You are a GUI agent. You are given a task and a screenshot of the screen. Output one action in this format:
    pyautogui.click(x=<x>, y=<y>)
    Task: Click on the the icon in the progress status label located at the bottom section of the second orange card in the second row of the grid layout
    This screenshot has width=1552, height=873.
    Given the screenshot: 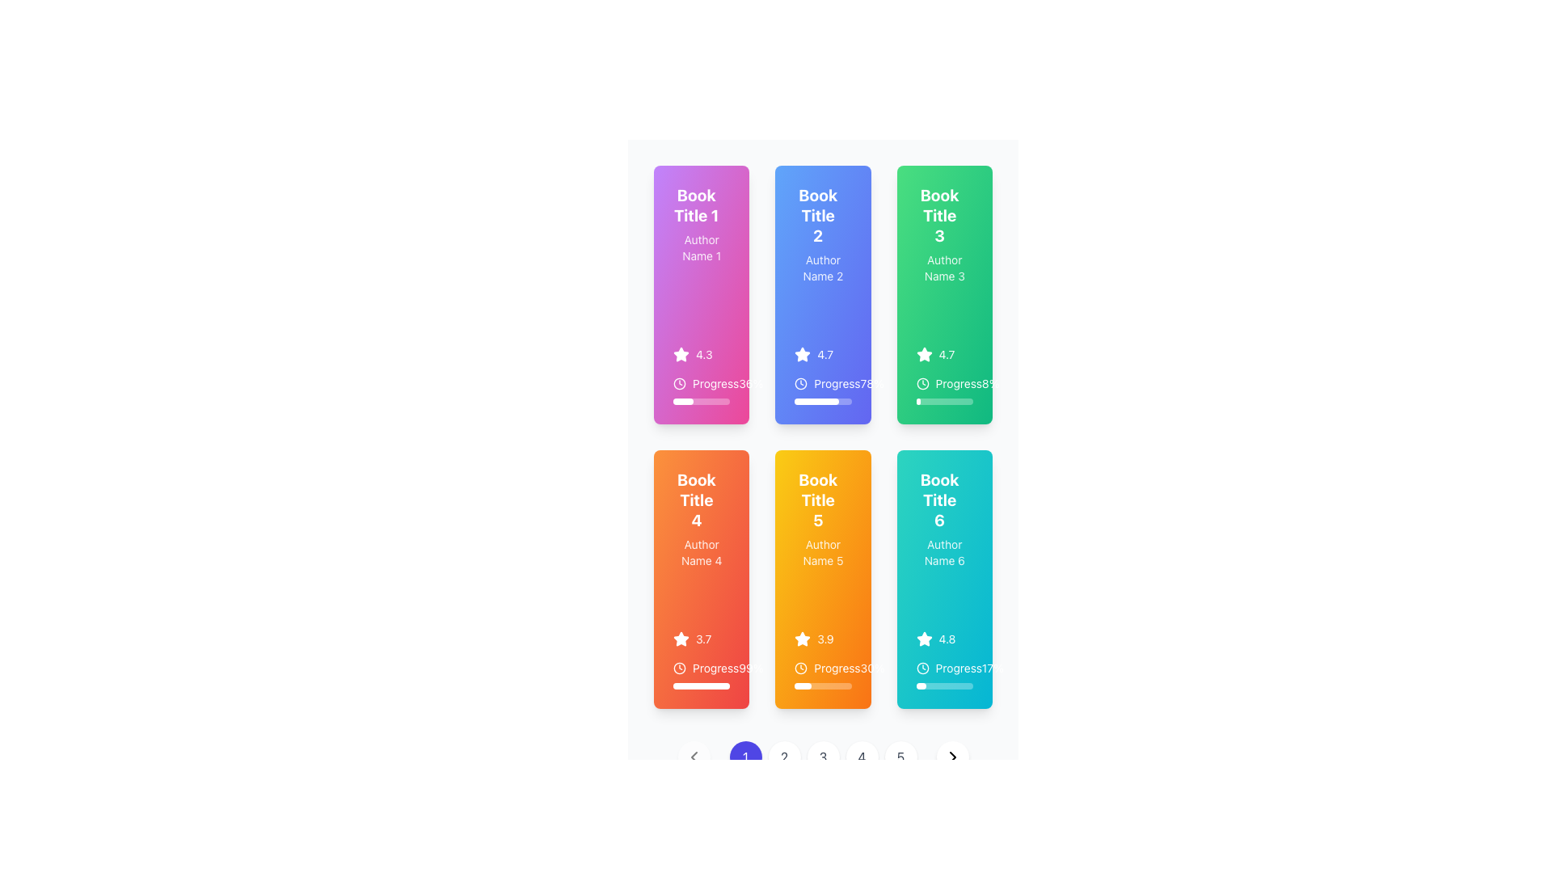 What is the action you would take?
    pyautogui.click(x=827, y=668)
    